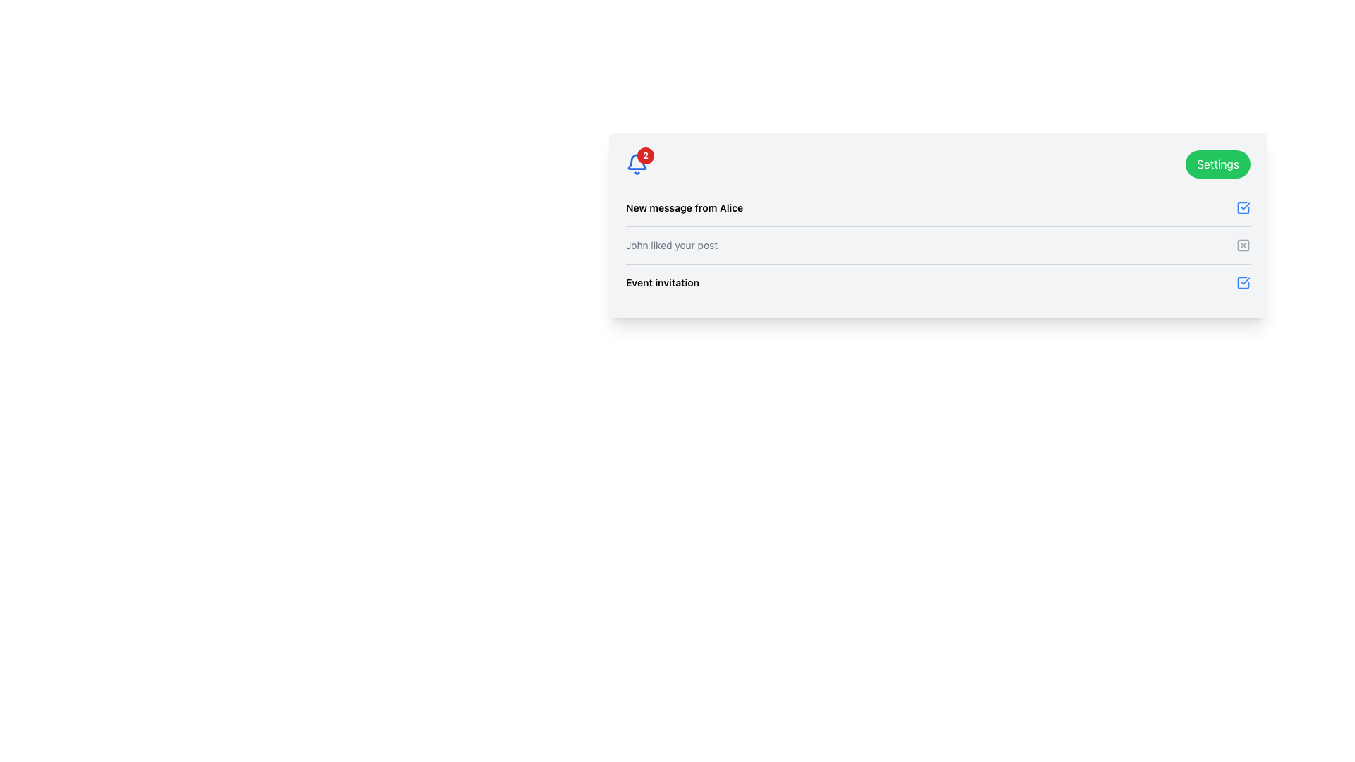  Describe the element at coordinates (938, 244) in the screenshot. I see `the second notification in the list that displays 'John liked your post', which is positioned between 'New message from Alice' and 'Event invitation'` at that location.